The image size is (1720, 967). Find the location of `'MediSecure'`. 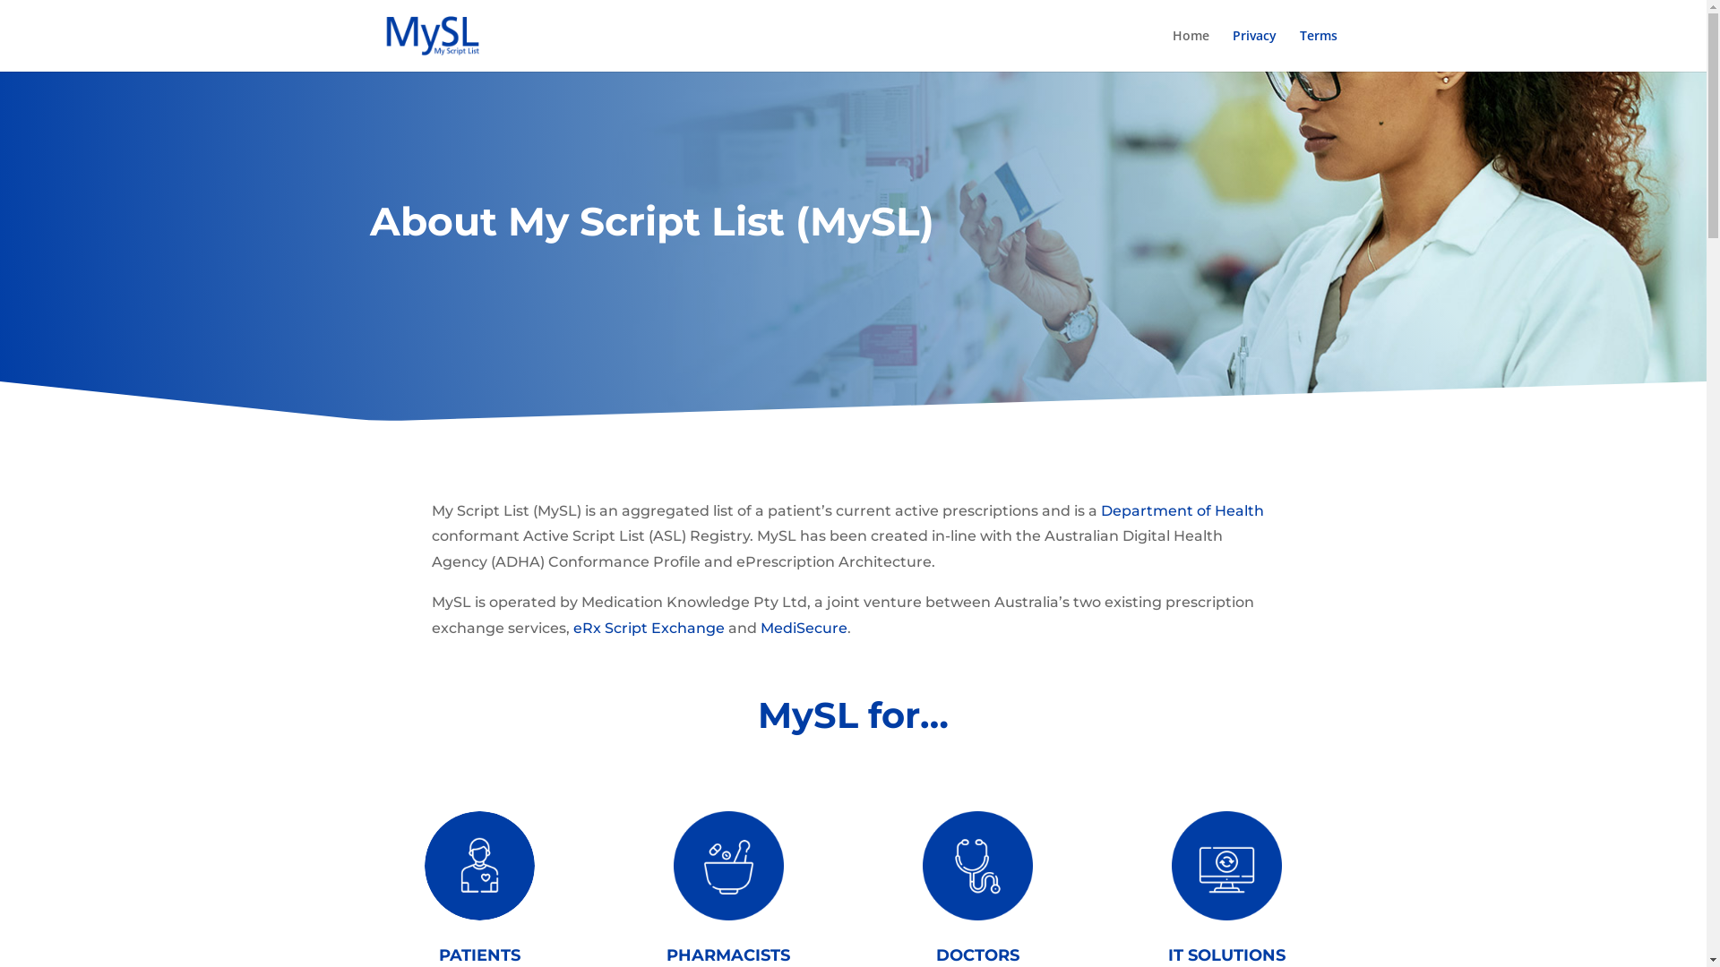

'MediSecure' is located at coordinates (802, 627).